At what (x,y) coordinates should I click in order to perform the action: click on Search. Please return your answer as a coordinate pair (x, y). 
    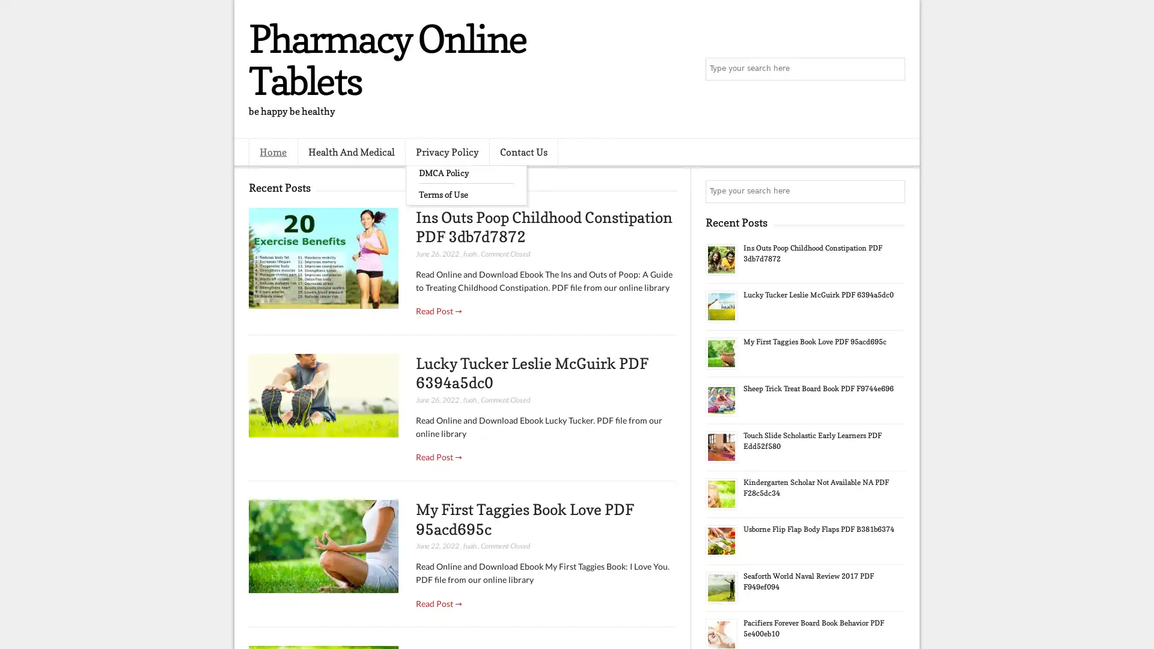
    Looking at the image, I should click on (893, 69).